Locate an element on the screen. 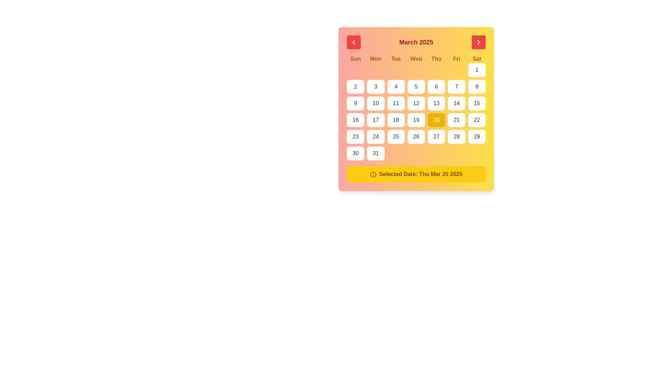 This screenshot has width=666, height=375. the selectable date button displaying '26' to observe its hover effects, which include a change to a yellow background is located at coordinates (416, 136).